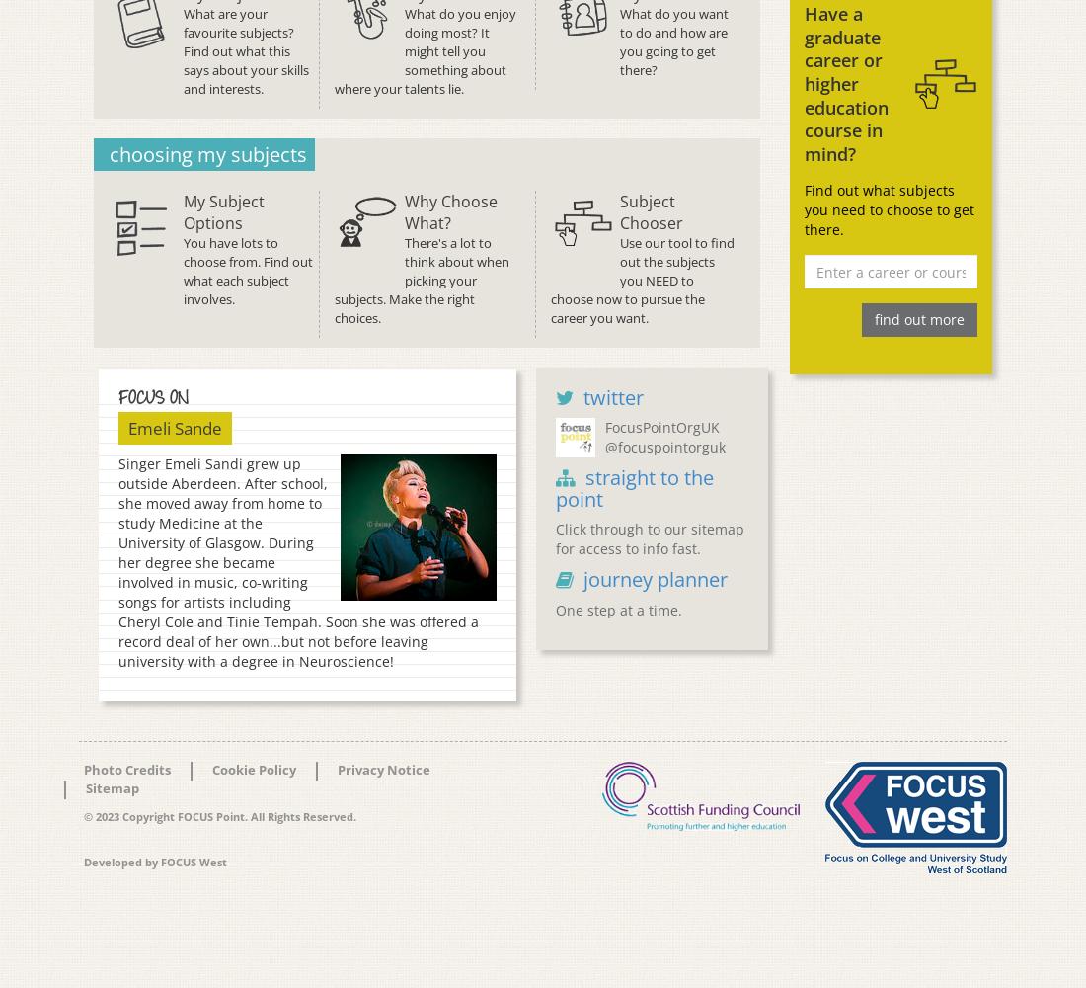 The image size is (1086, 988). I want to click on 'Choosing My Subjects', so click(109, 153).